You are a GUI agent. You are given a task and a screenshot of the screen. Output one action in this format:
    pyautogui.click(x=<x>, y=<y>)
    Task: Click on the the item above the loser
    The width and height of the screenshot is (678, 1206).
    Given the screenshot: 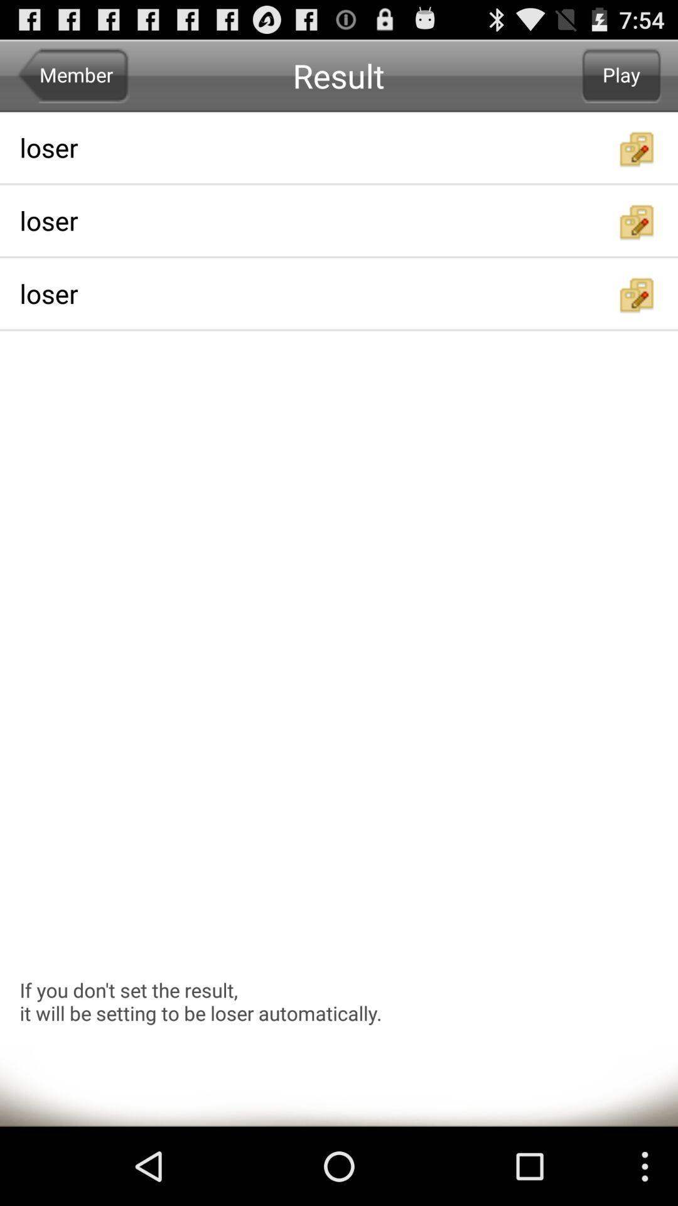 What is the action you would take?
    pyautogui.click(x=621, y=75)
    